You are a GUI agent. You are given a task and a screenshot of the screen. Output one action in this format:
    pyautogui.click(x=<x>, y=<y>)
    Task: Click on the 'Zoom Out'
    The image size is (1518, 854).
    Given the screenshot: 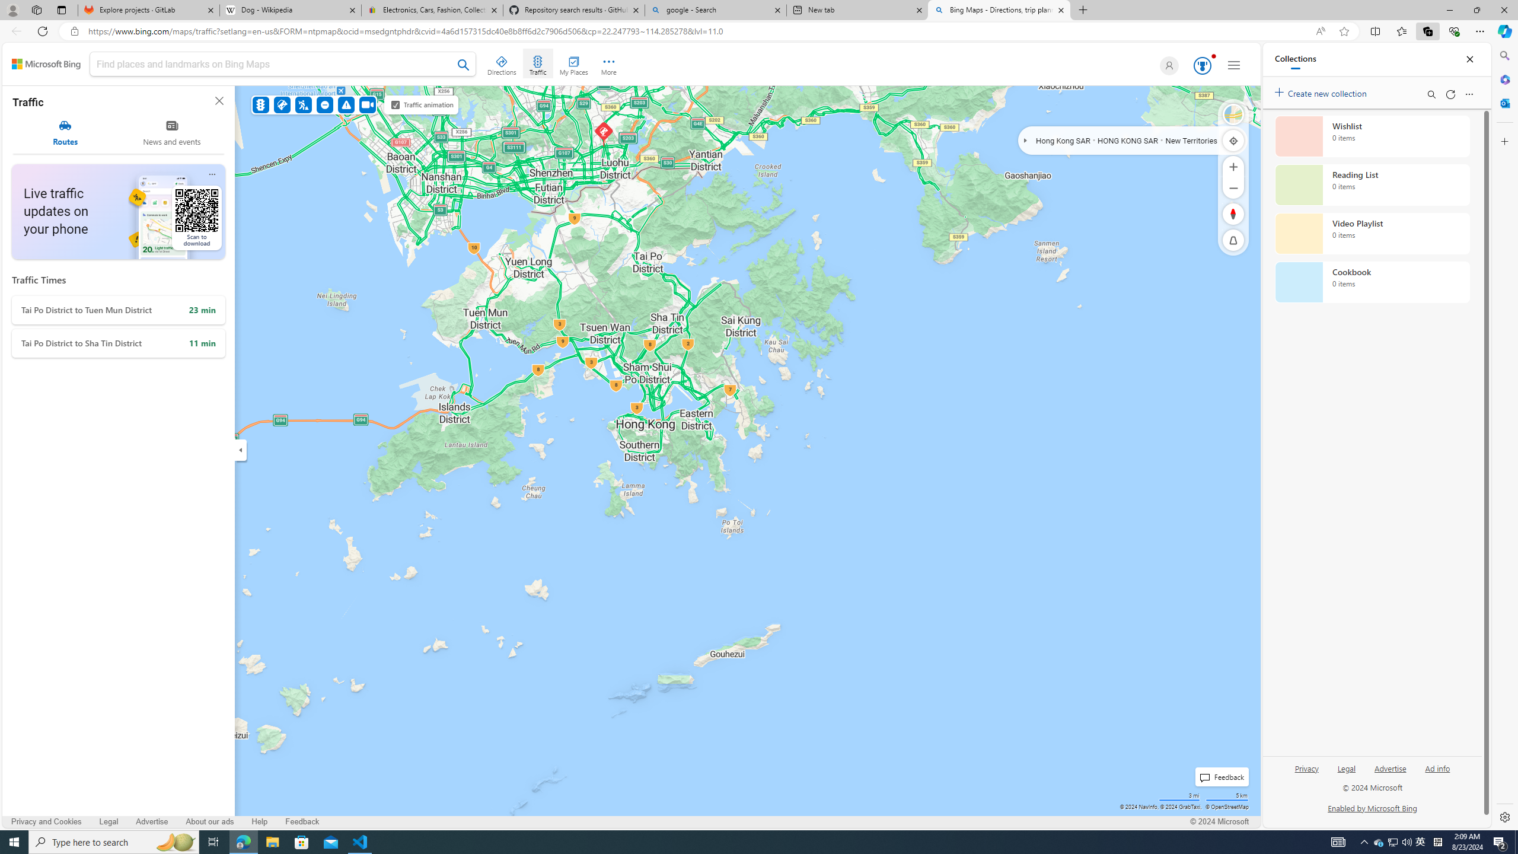 What is the action you would take?
    pyautogui.click(x=1233, y=188)
    